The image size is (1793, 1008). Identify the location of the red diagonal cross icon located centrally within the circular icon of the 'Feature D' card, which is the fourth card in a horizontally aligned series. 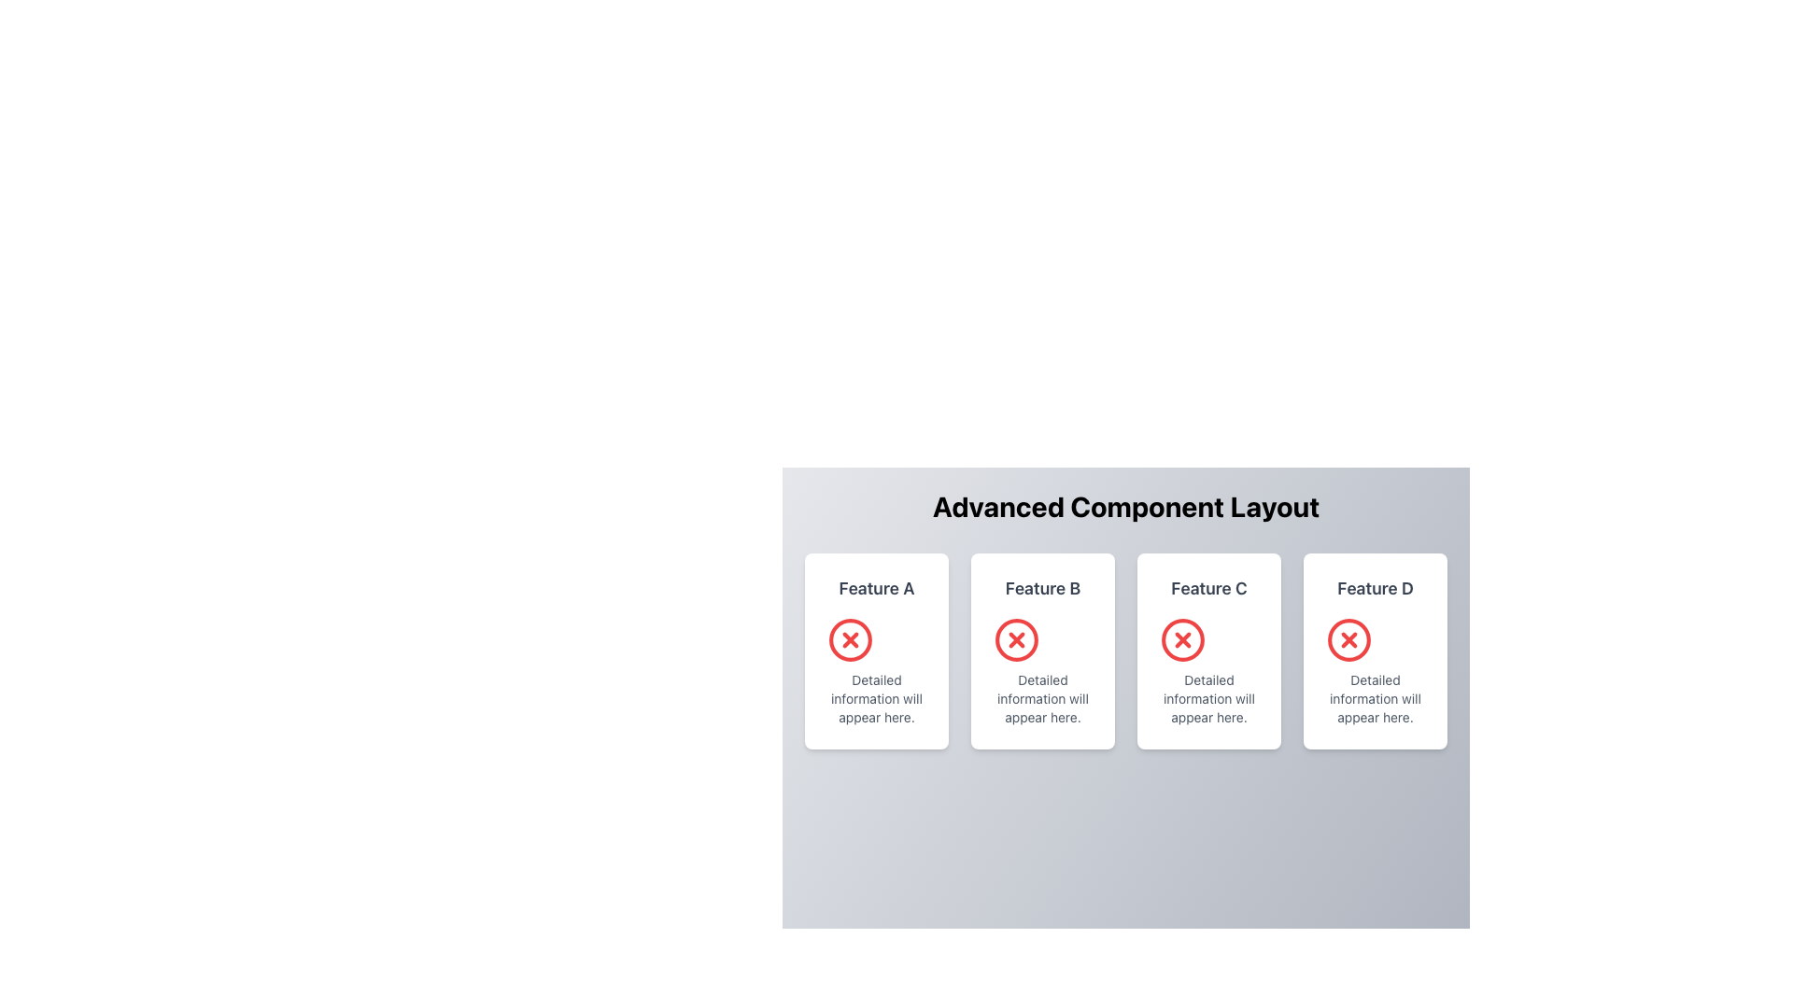
(1348, 639).